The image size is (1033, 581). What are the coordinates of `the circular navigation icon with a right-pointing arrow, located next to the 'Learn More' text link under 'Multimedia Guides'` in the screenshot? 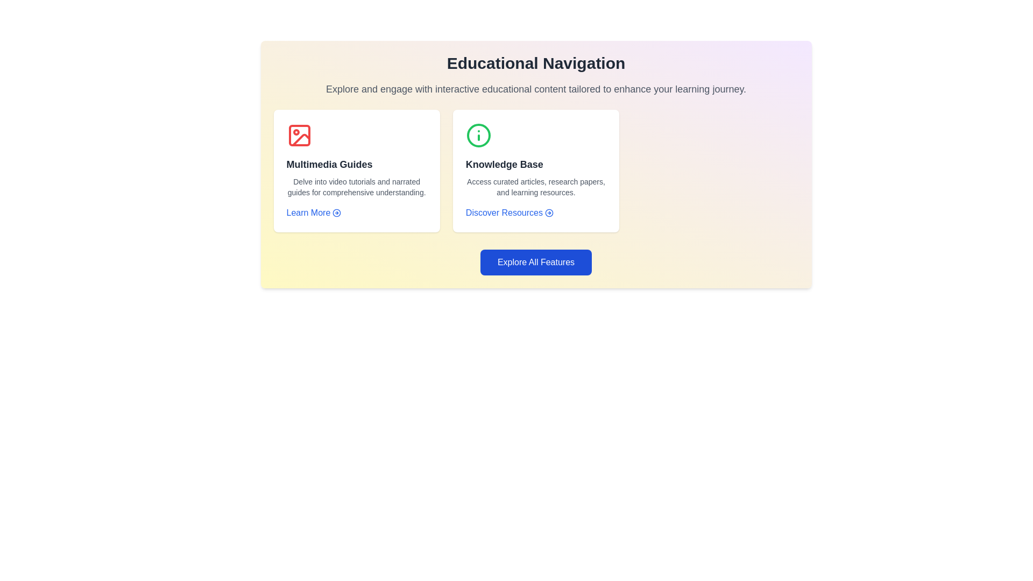 It's located at (336, 213).